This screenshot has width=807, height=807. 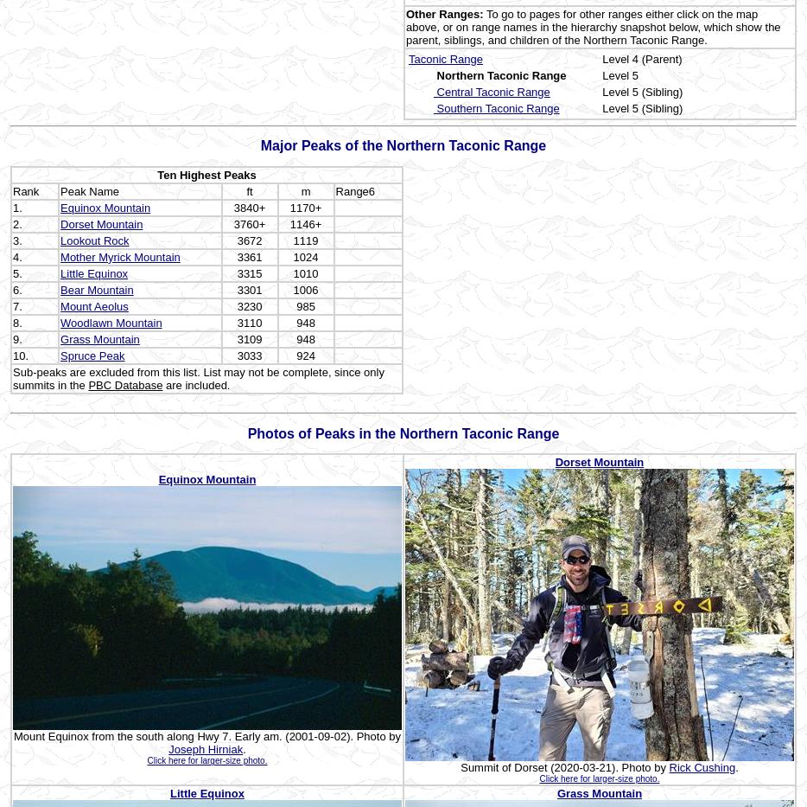 What do you see at coordinates (16, 240) in the screenshot?
I see `'3.'` at bounding box center [16, 240].